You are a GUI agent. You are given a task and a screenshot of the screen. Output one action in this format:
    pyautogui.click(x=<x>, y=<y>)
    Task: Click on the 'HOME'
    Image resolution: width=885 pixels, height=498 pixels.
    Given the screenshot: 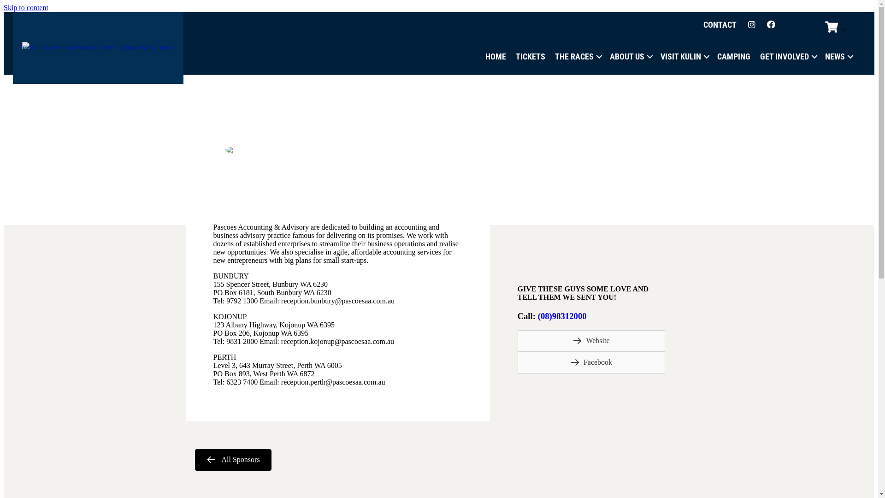 What is the action you would take?
    pyautogui.click(x=495, y=57)
    